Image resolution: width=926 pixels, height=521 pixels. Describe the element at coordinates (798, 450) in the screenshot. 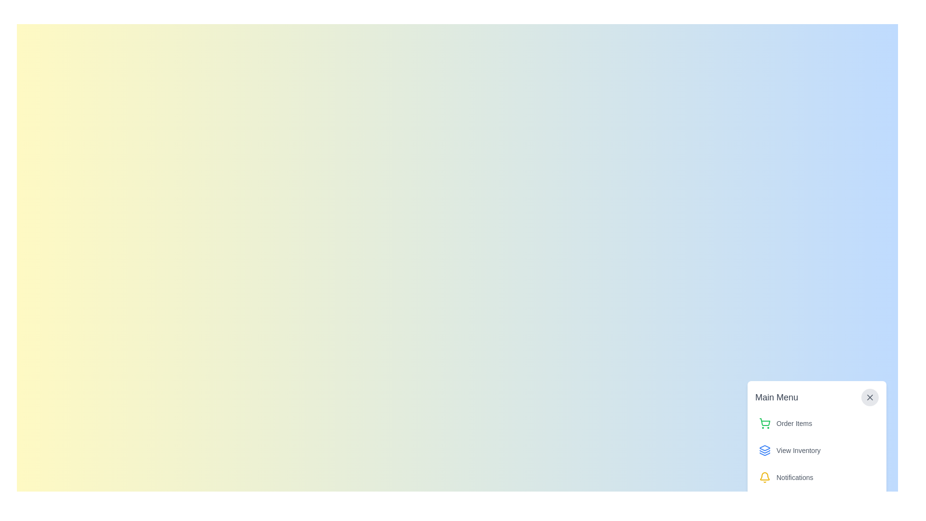

I see `the Text Label for inventory navigation using keyboard navigation` at that location.